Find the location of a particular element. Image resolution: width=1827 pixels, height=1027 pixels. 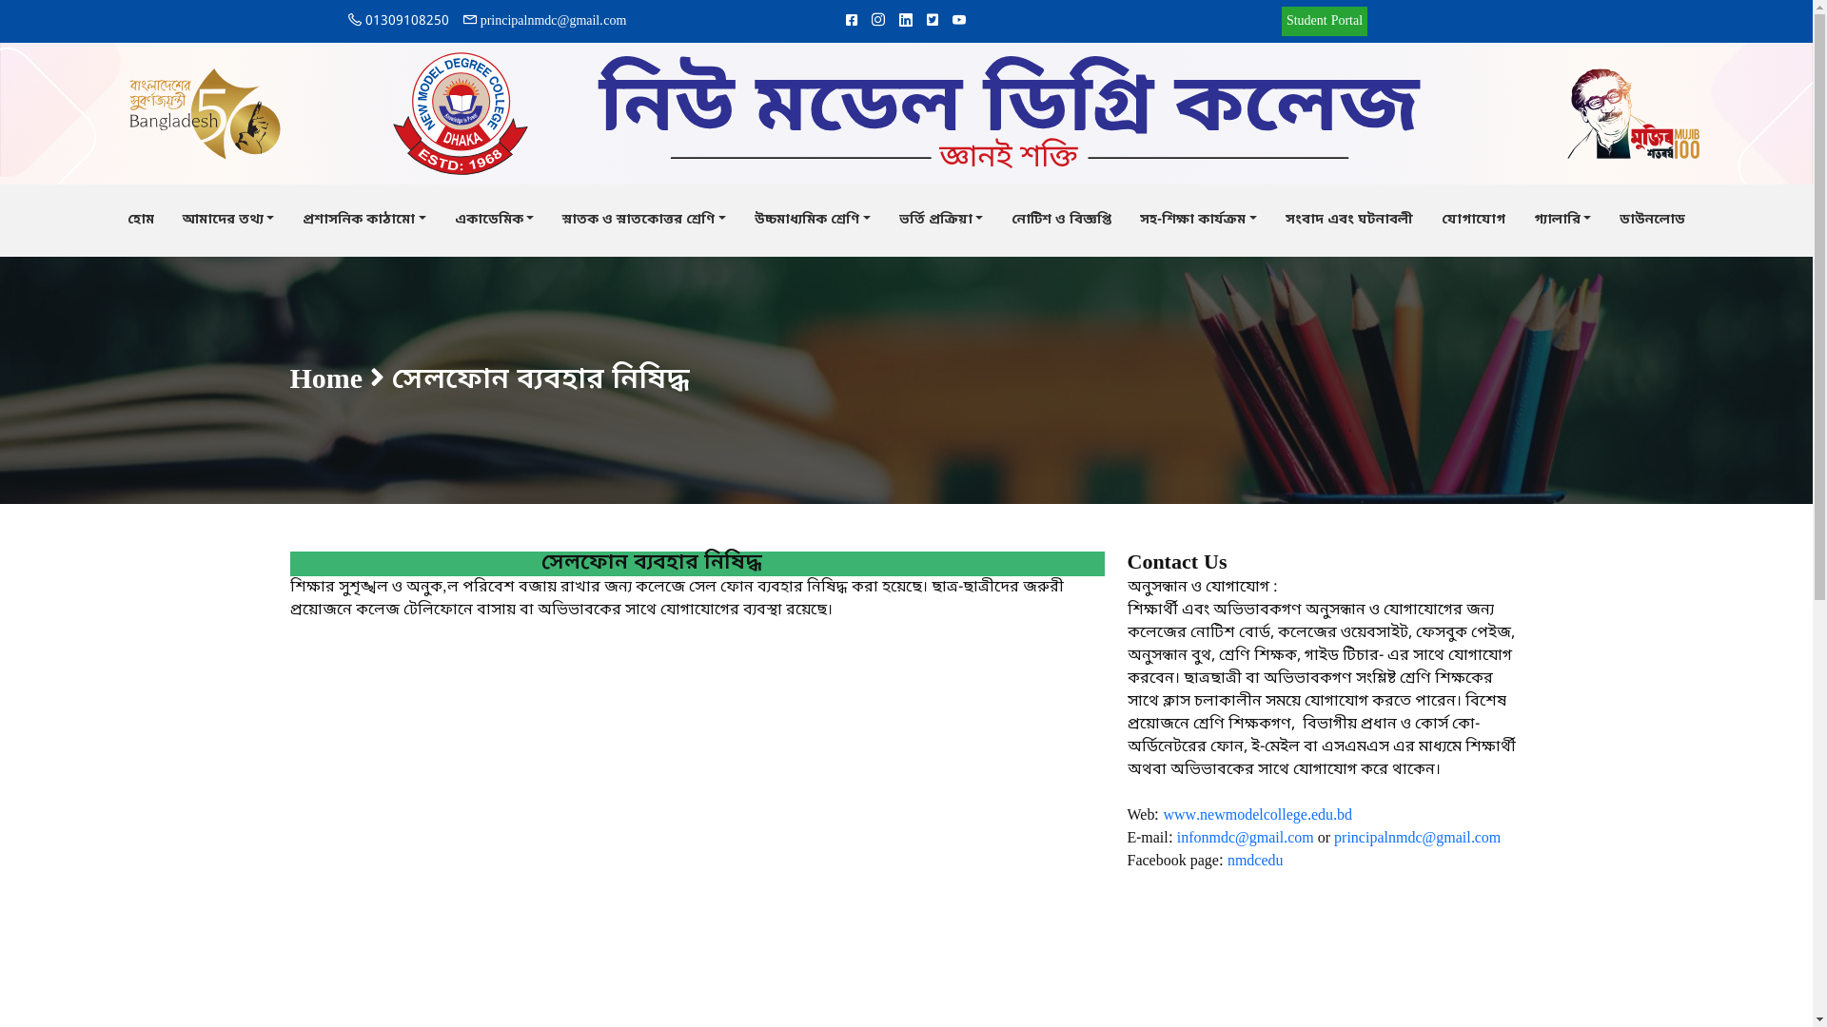

'Student Portal' is located at coordinates (1324, 21).